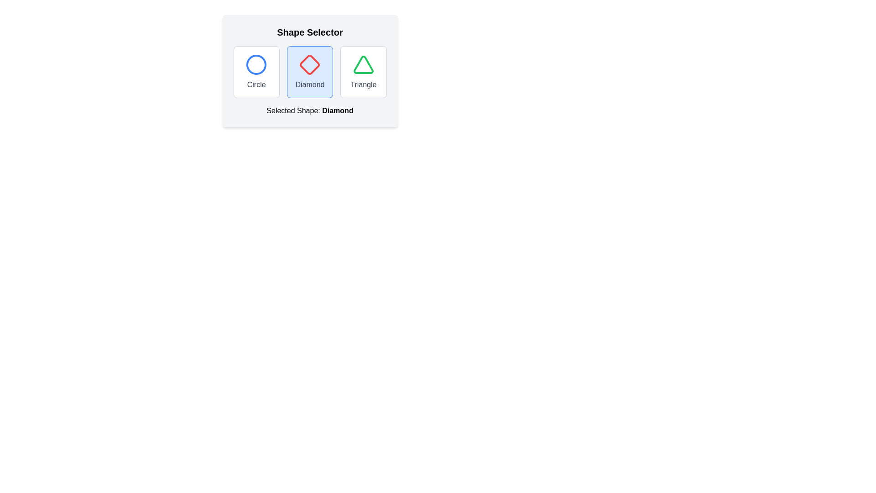 Image resolution: width=876 pixels, height=493 pixels. What do you see at coordinates (310, 70) in the screenshot?
I see `the button in the shape selection interface` at bounding box center [310, 70].